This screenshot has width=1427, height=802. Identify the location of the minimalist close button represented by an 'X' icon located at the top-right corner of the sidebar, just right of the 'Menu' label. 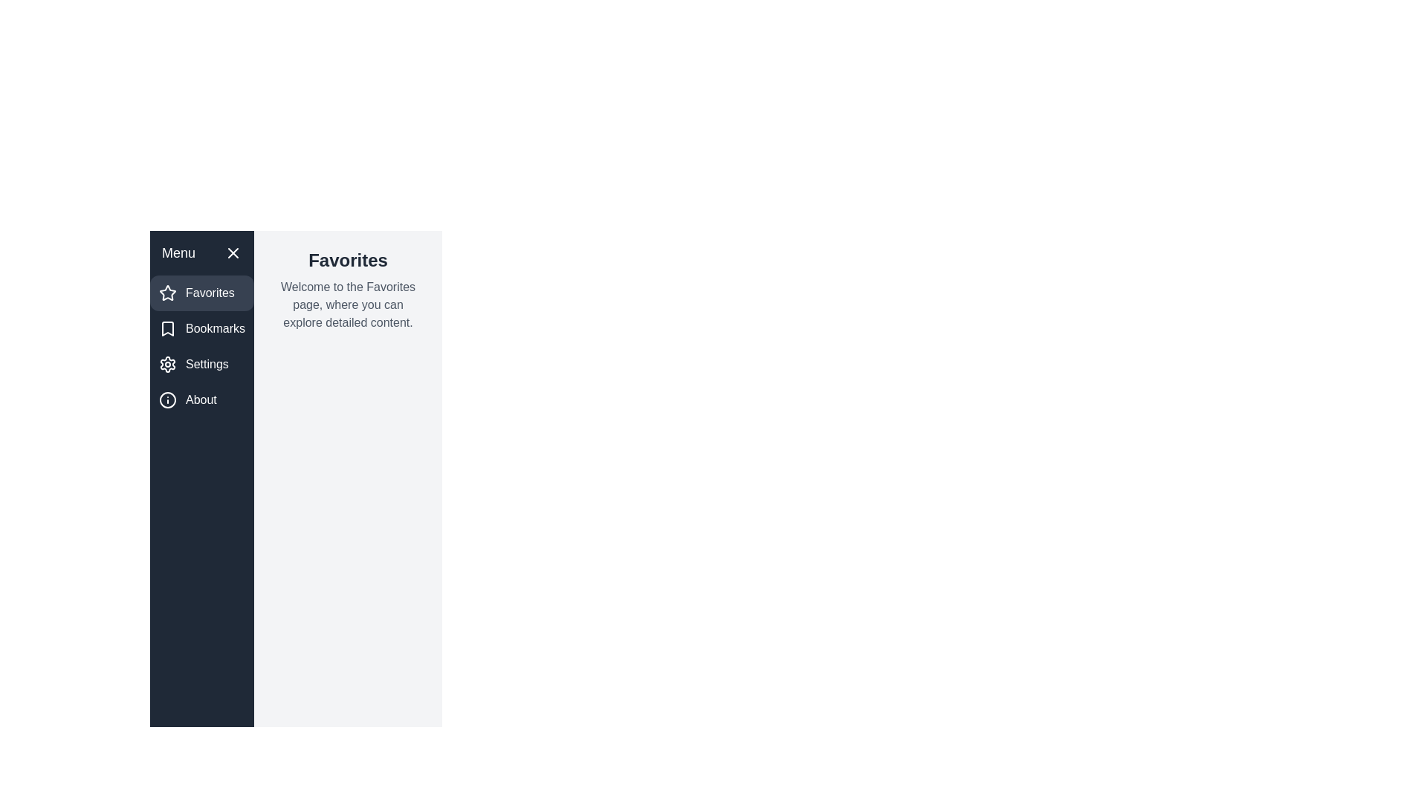
(233, 252).